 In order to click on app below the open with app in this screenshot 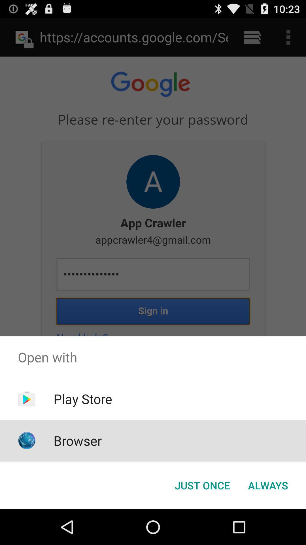, I will do `click(268, 485)`.